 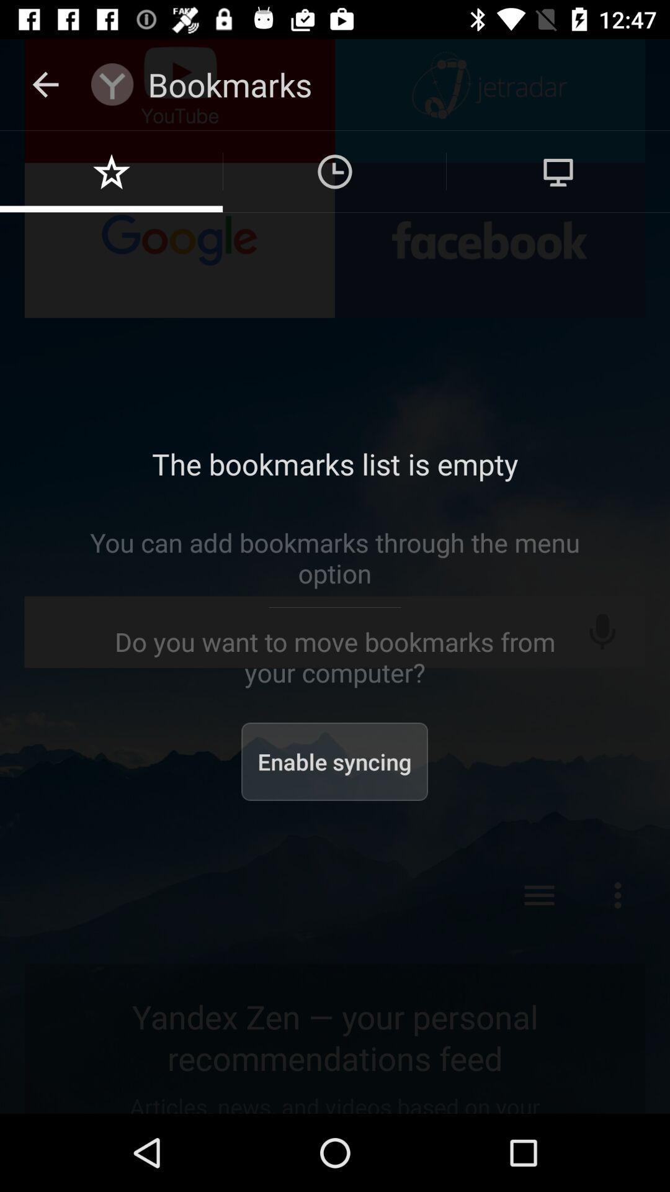 What do you see at coordinates (334, 761) in the screenshot?
I see `item below the do you want icon` at bounding box center [334, 761].